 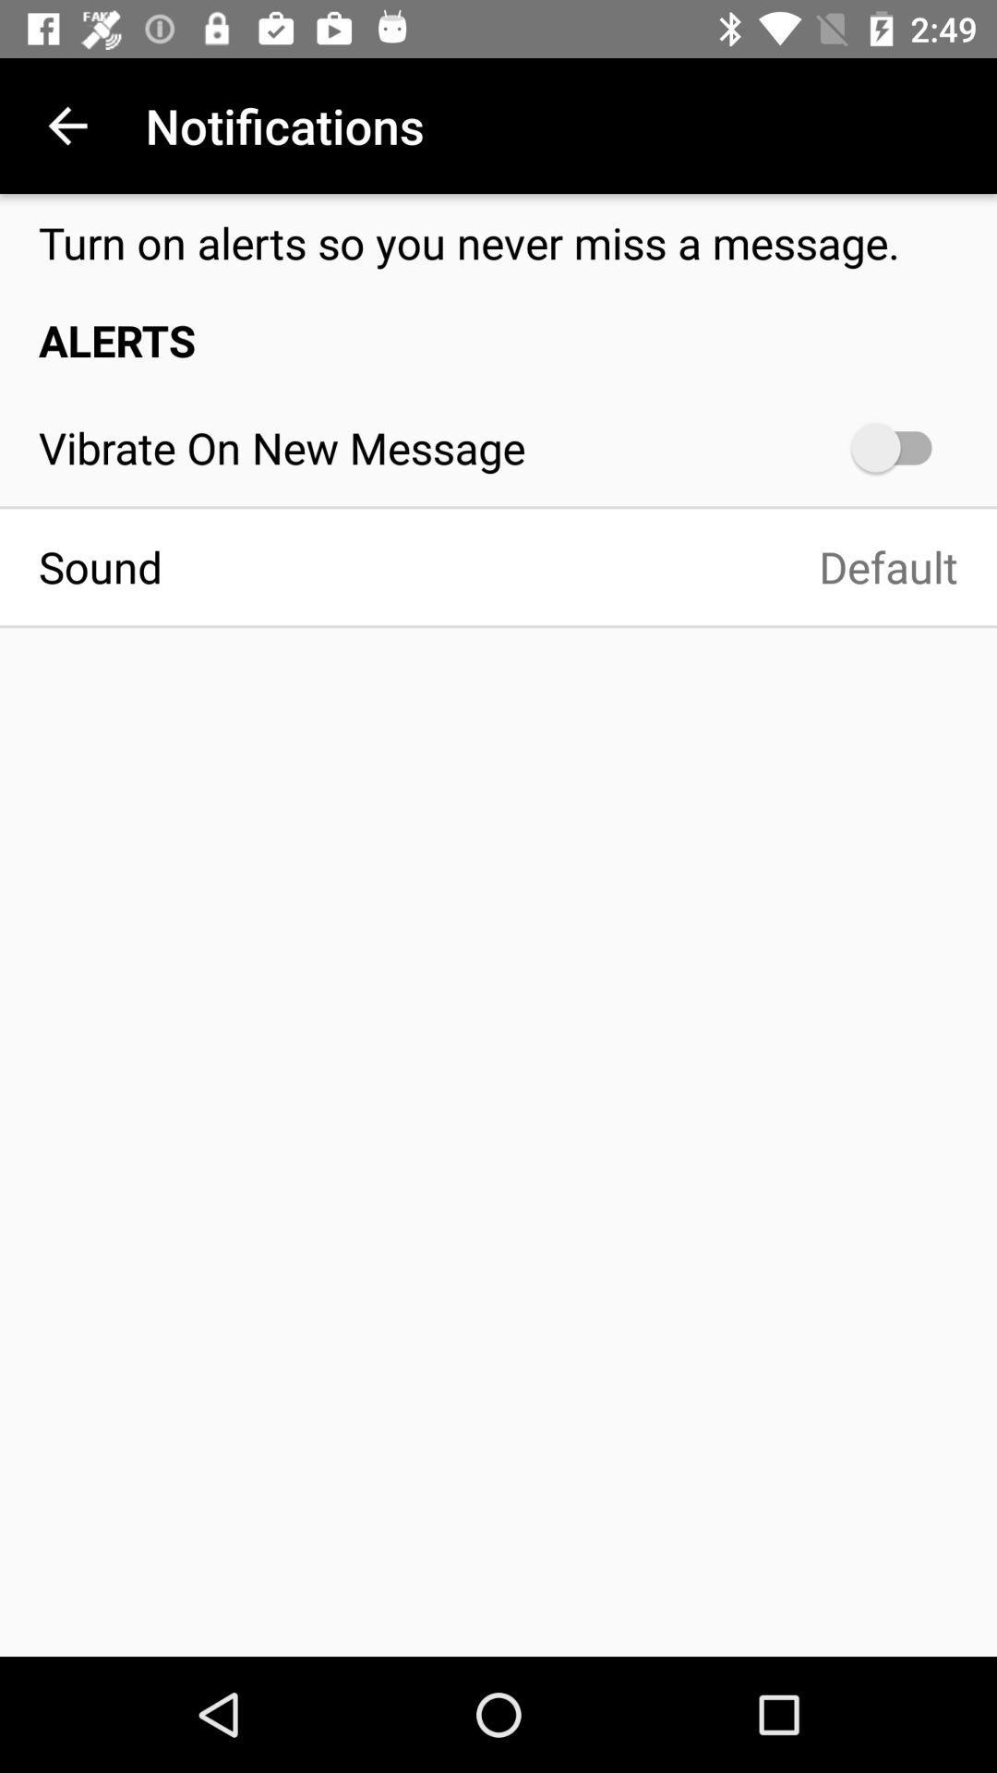 What do you see at coordinates (899, 447) in the screenshot?
I see `the item below alerts item` at bounding box center [899, 447].